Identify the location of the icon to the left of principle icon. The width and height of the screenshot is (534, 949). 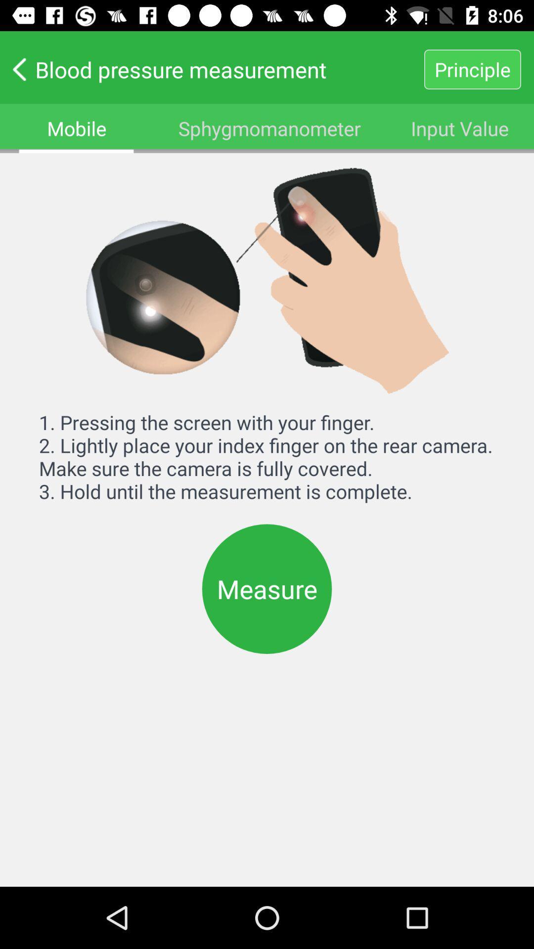
(211, 69).